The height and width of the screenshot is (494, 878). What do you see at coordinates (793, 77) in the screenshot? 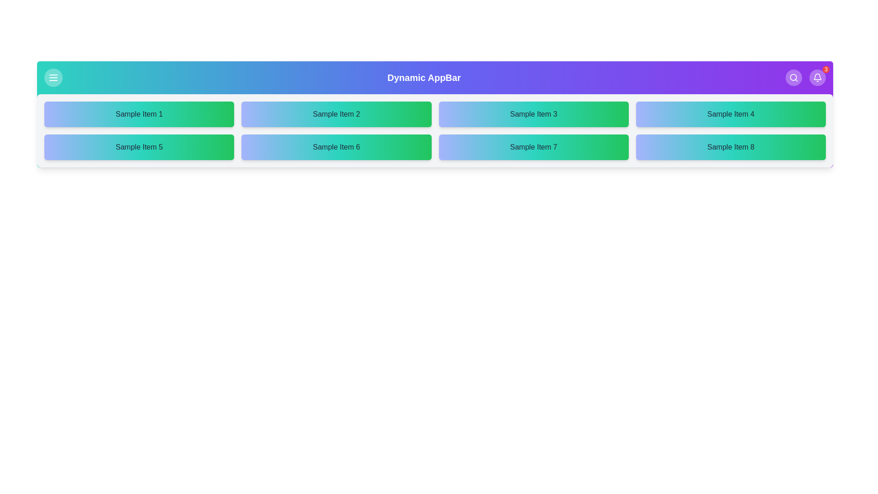
I see `the search button to activate the search functionality` at bounding box center [793, 77].